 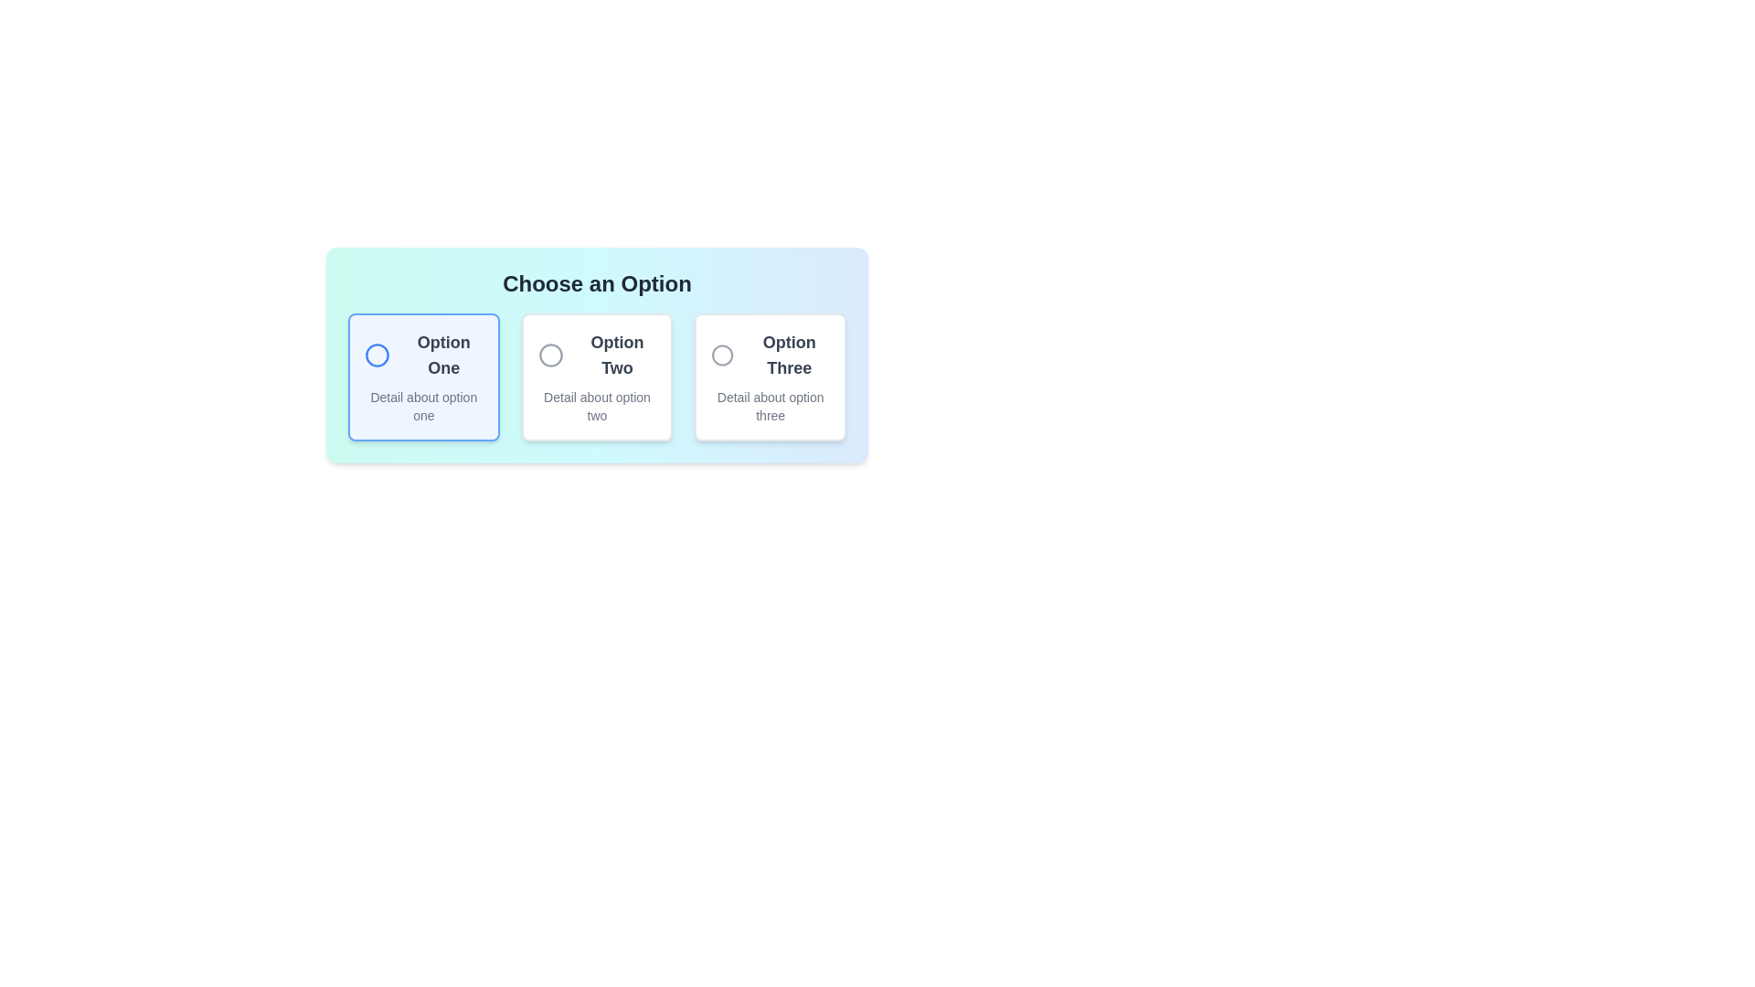 What do you see at coordinates (597, 430) in the screenshot?
I see `the second selectable card representing 'Option Two' in the selection menu` at bounding box center [597, 430].